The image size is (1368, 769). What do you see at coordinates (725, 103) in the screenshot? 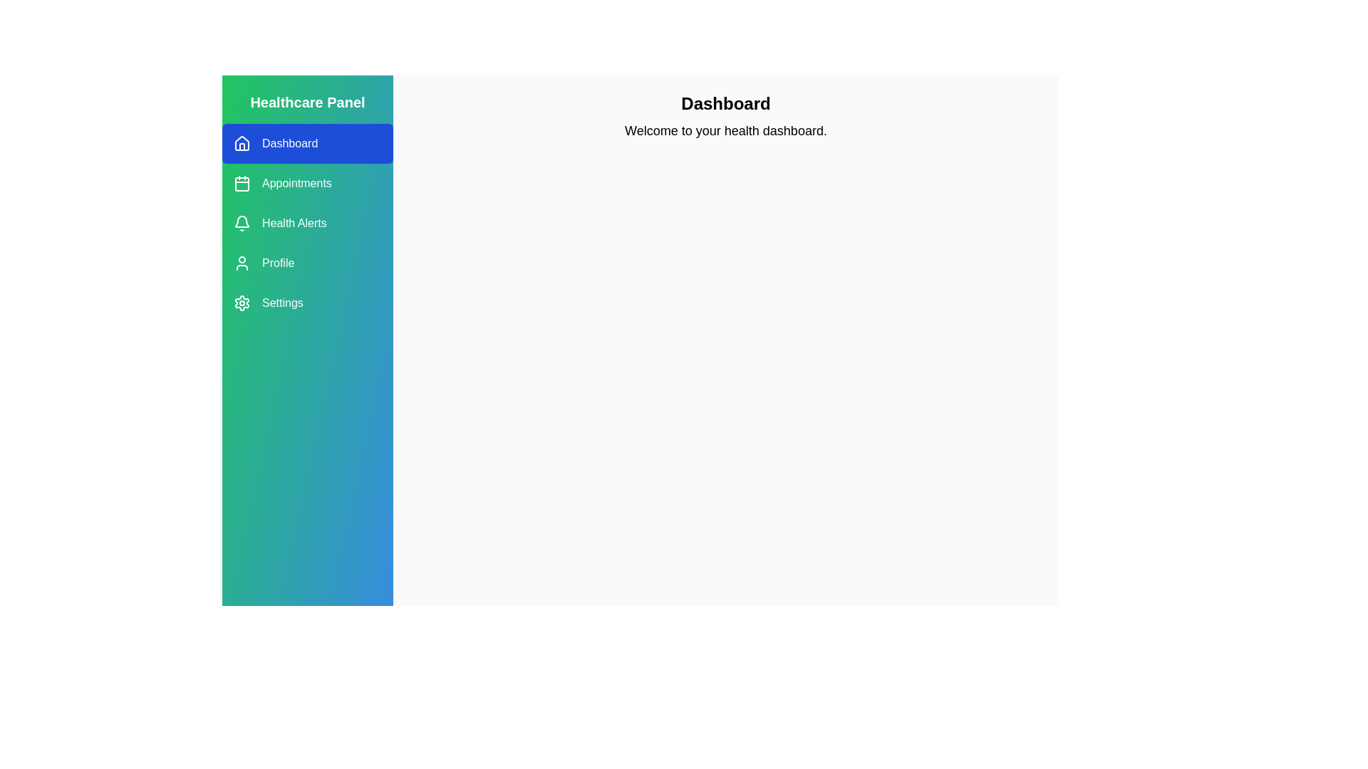
I see `prominent header text labeled 'Dashboard', which is styled with large, bold black text and centrally aligned at the top of the section` at bounding box center [725, 103].